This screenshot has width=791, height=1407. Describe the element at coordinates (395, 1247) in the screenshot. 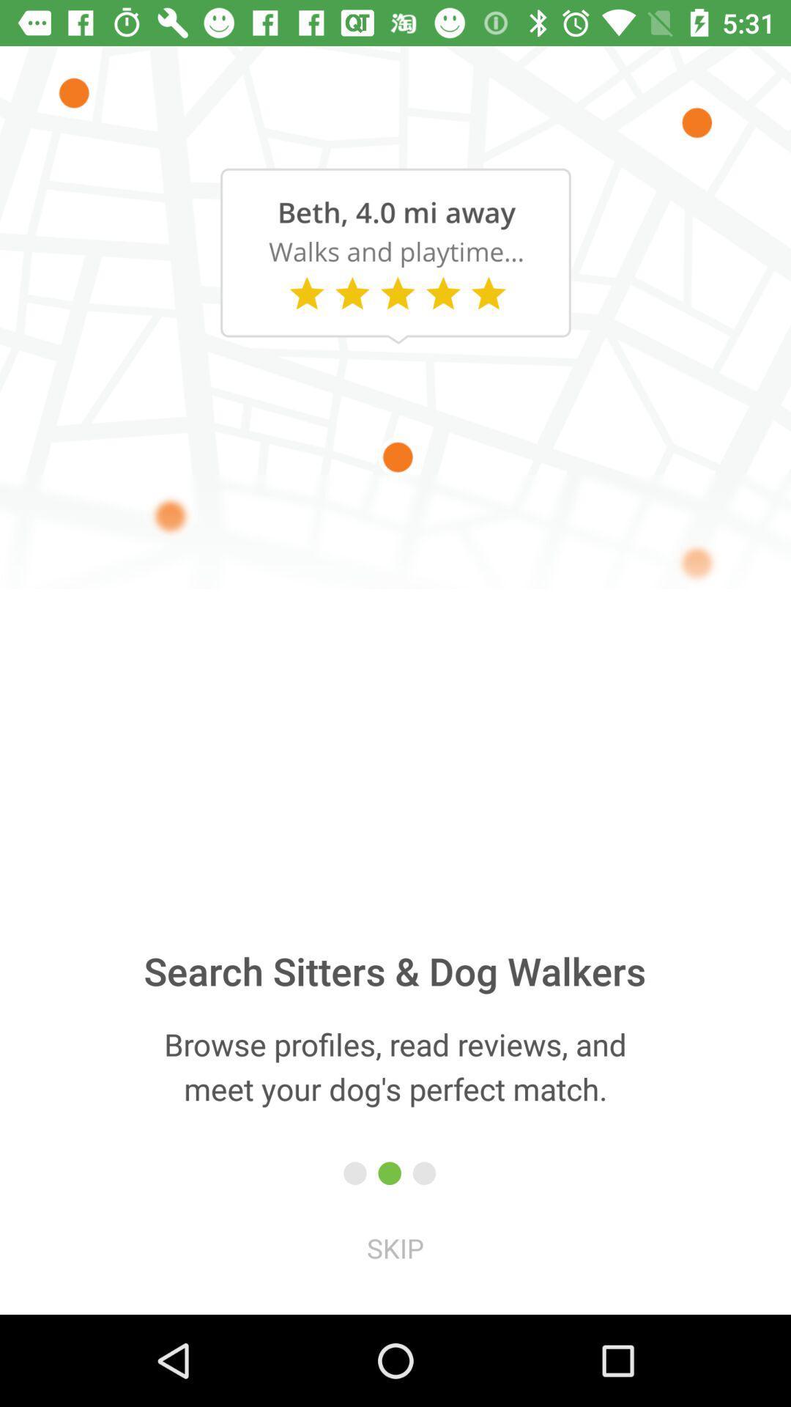

I see `skip item` at that location.